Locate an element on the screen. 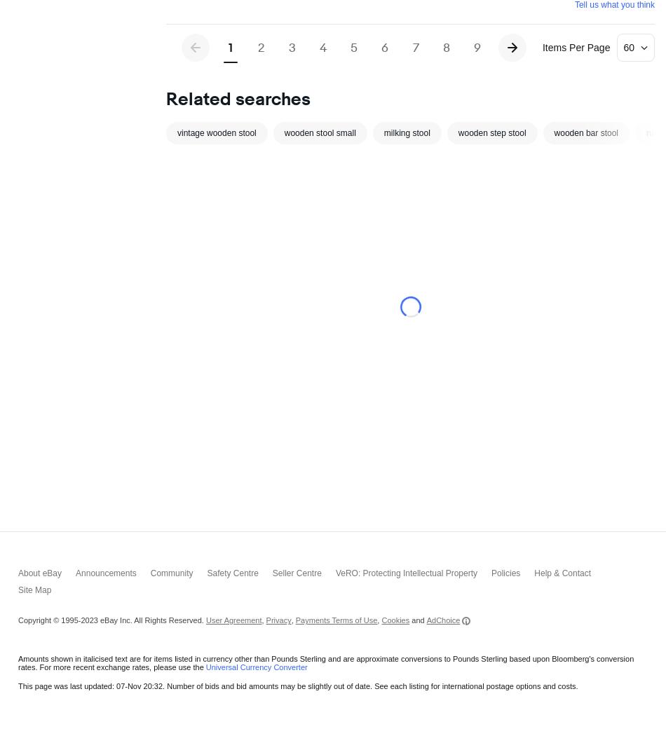 The image size is (666, 736). '7' is located at coordinates (412, 46).